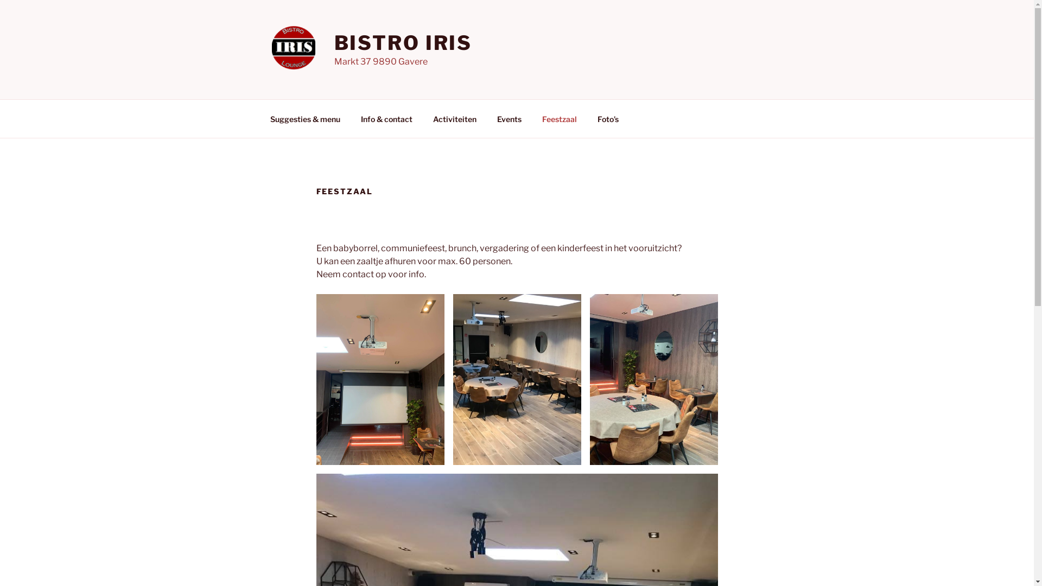  I want to click on 'Activiteiten', so click(454, 118).